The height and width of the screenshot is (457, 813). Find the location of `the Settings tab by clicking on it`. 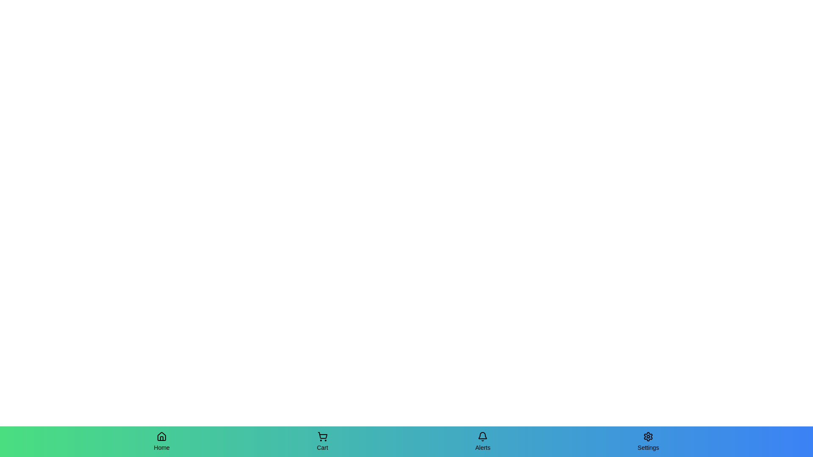

the Settings tab by clicking on it is located at coordinates (648, 441).